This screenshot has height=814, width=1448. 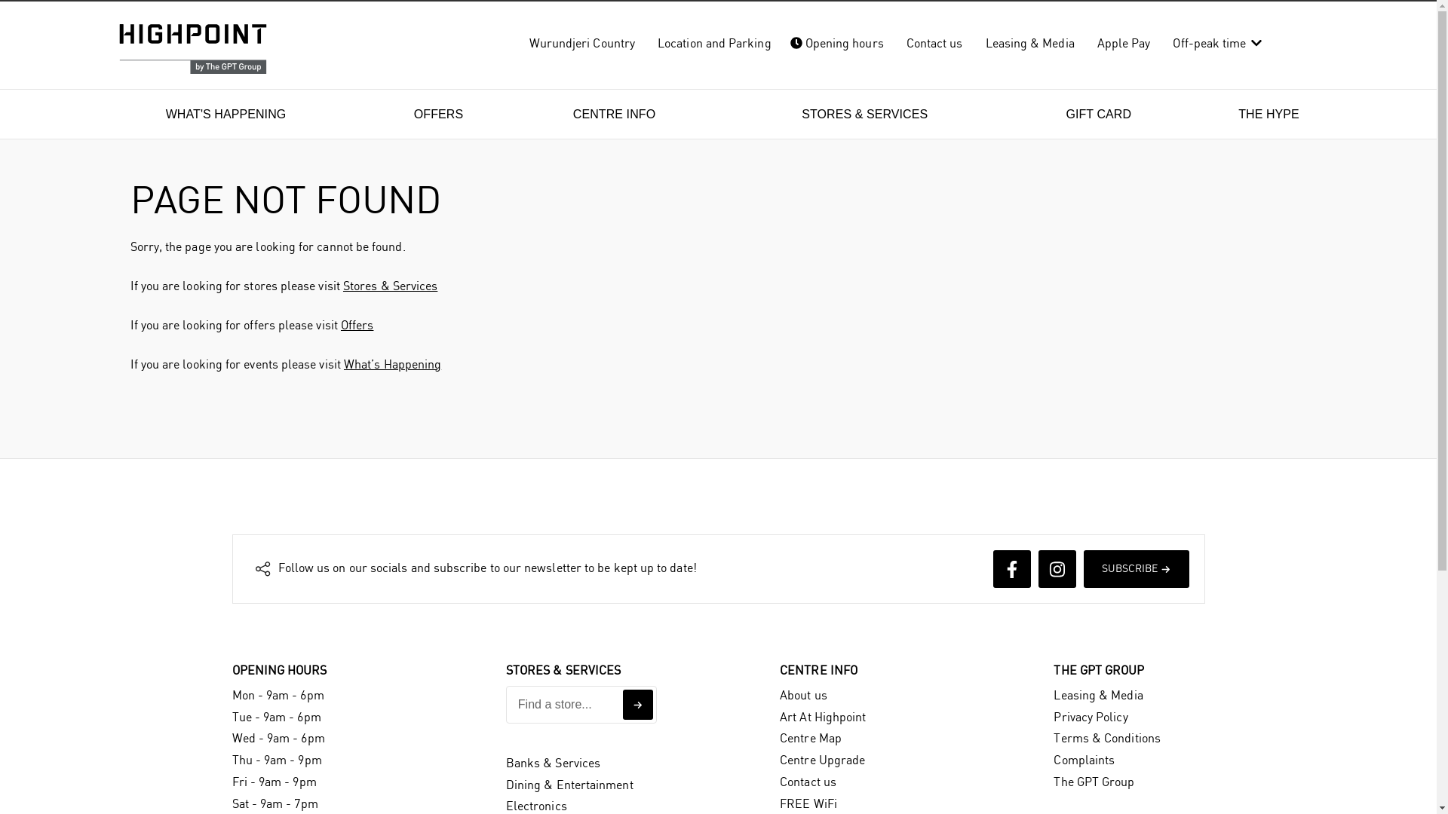 What do you see at coordinates (934, 43) in the screenshot?
I see `'Contact us'` at bounding box center [934, 43].